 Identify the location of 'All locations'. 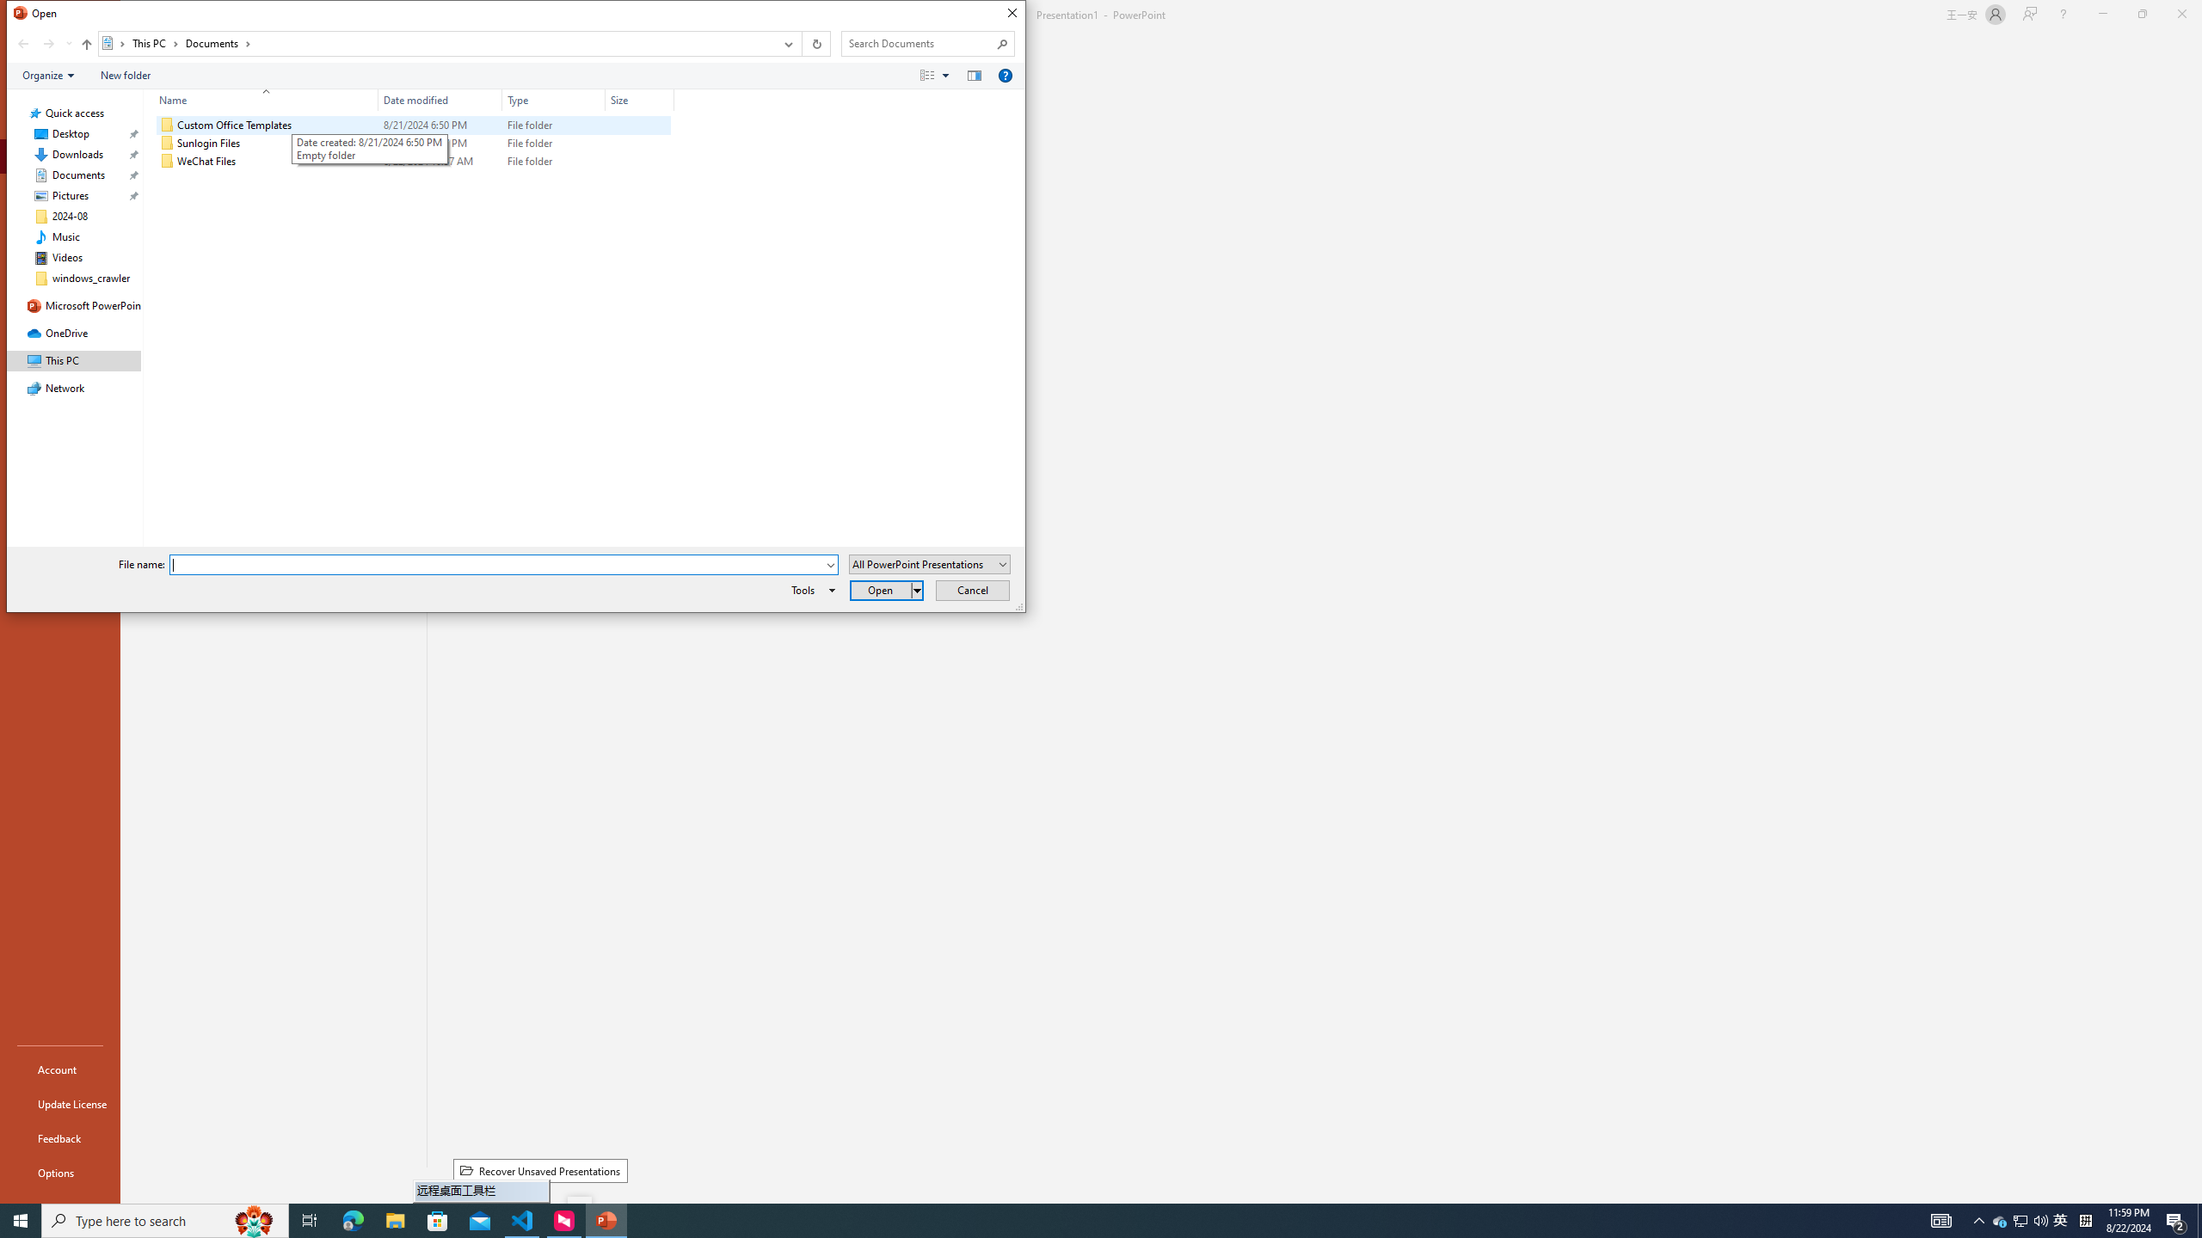
(114, 42).